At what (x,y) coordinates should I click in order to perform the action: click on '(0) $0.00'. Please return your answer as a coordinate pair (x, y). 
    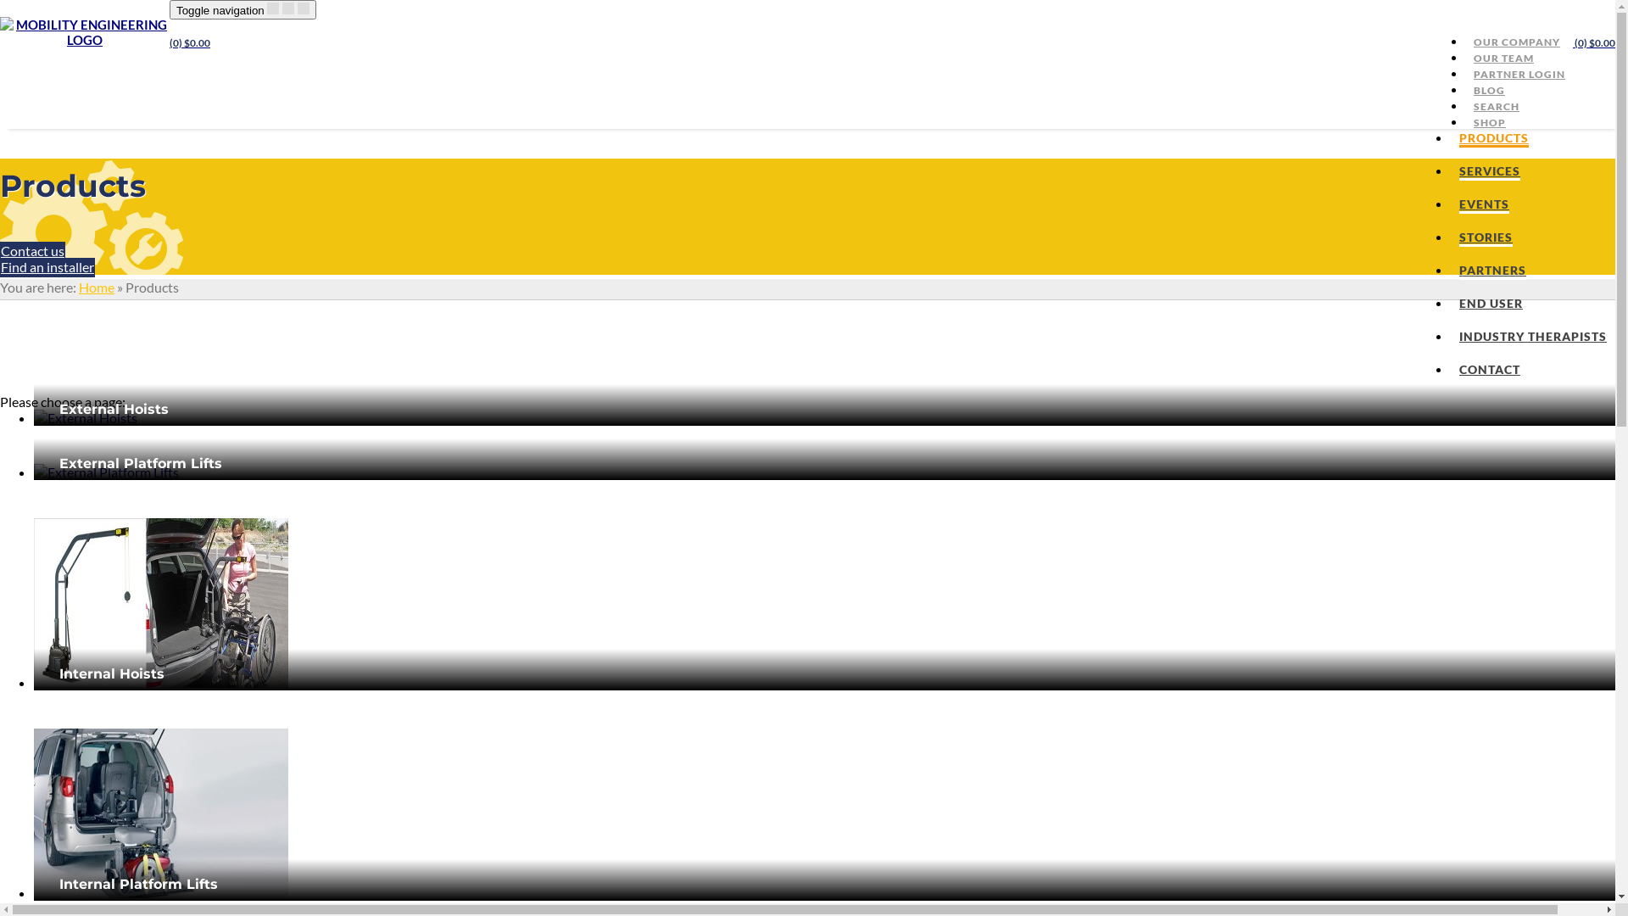
    Looking at the image, I should click on (170, 42).